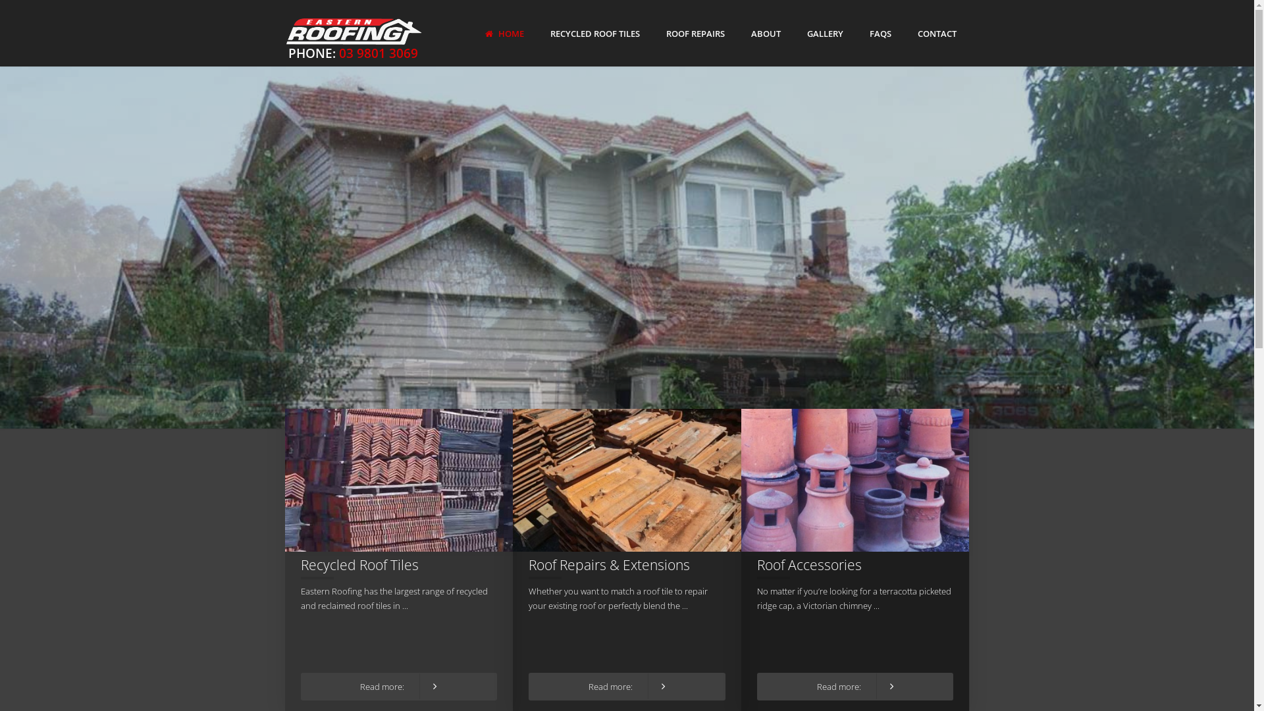  I want to click on 'Read more:', so click(300, 685).